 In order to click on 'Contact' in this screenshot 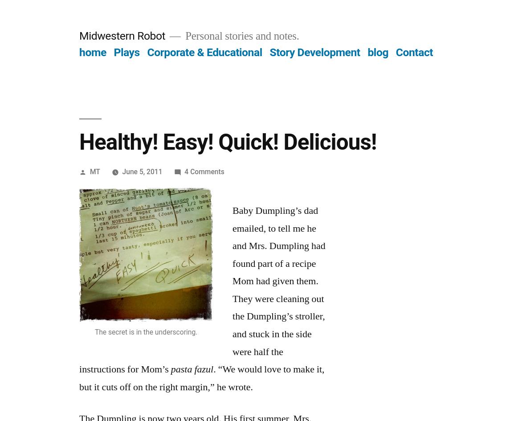, I will do `click(395, 52)`.